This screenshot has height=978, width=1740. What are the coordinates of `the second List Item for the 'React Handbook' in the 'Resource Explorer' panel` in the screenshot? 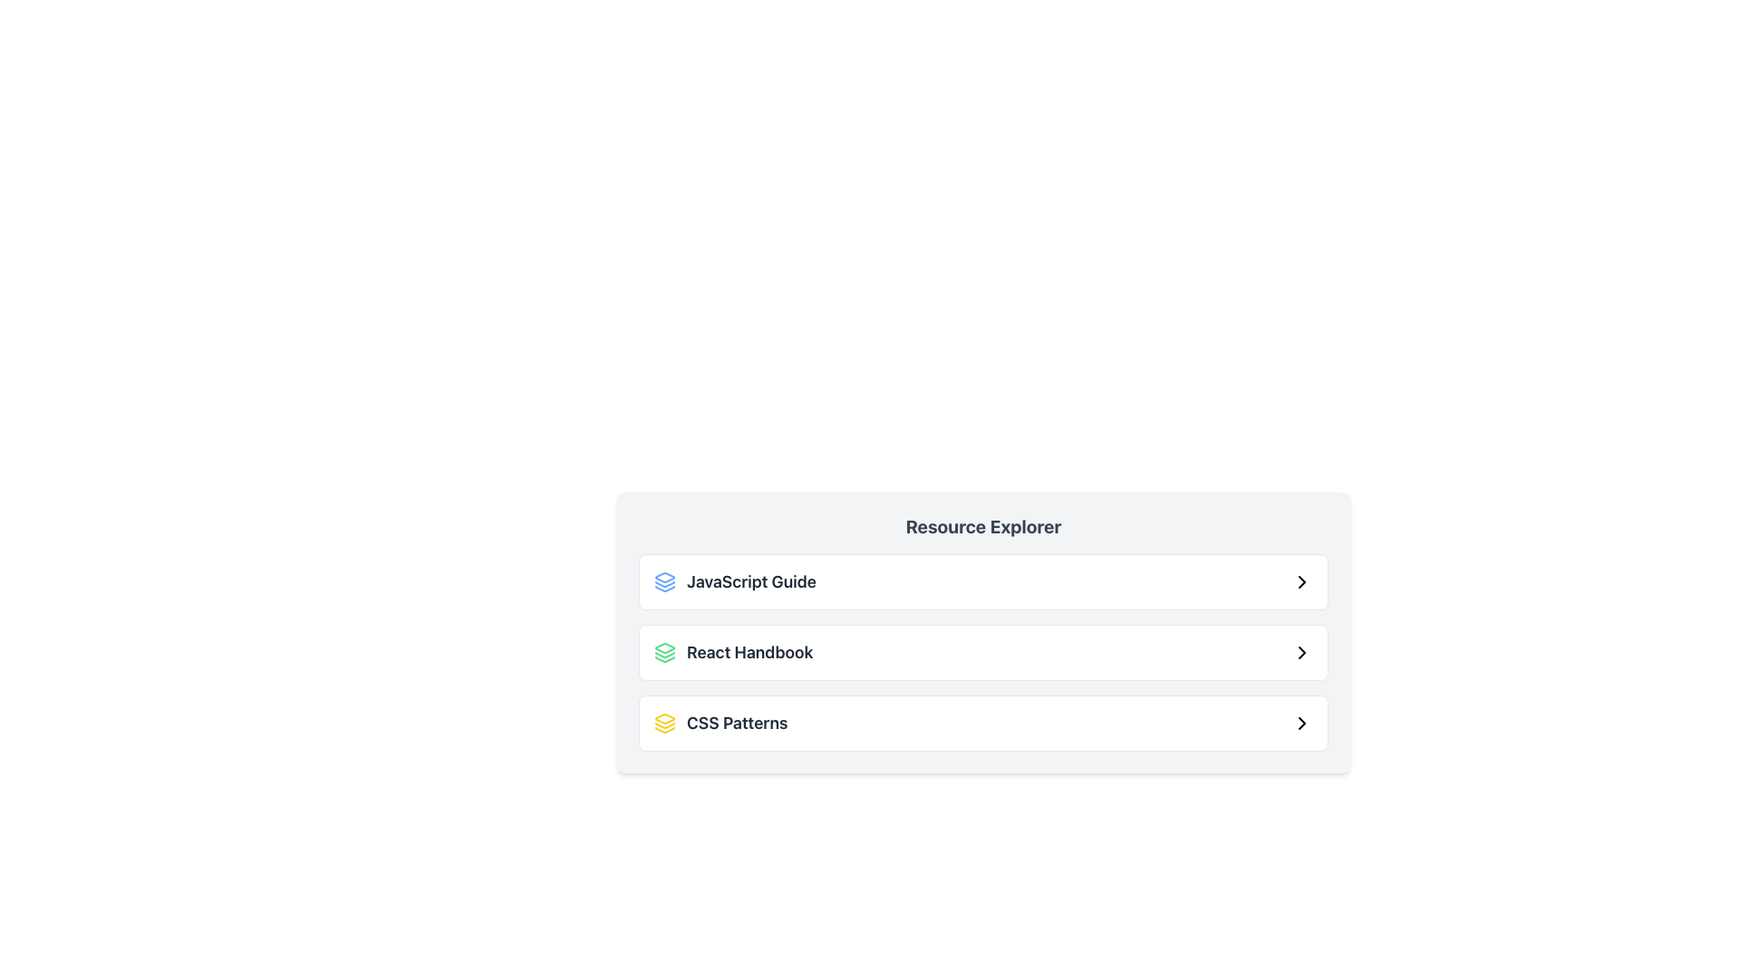 It's located at (982, 631).